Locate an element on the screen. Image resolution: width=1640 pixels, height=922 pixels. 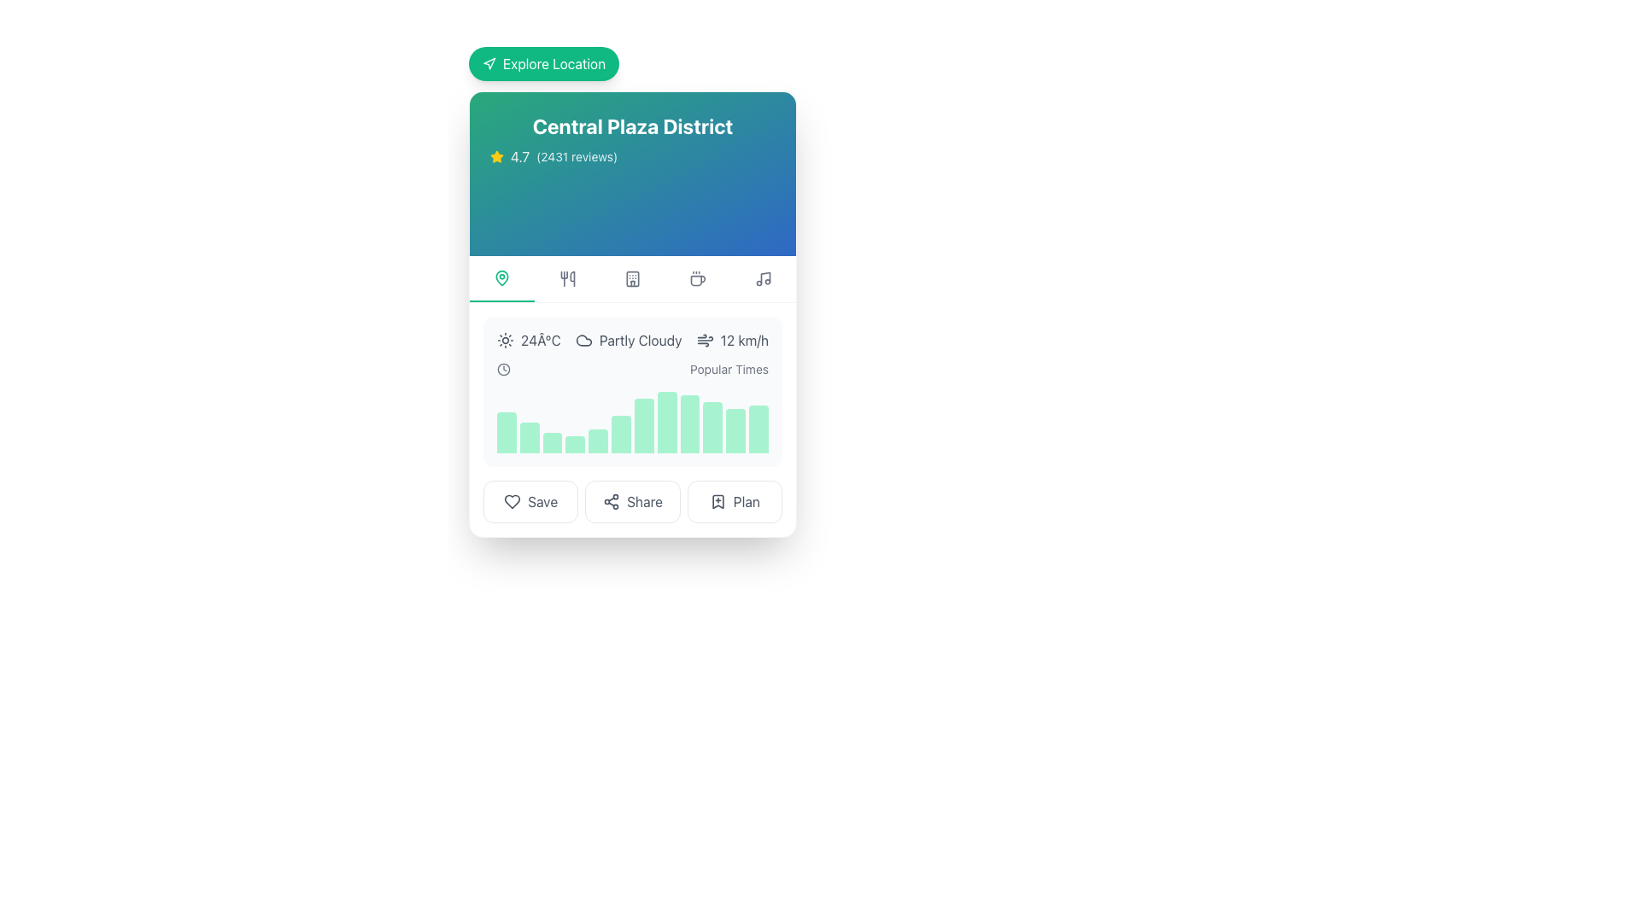
the bright green 'Explore Location' button with rounded corners to perceive visual feedback is located at coordinates (543, 62).